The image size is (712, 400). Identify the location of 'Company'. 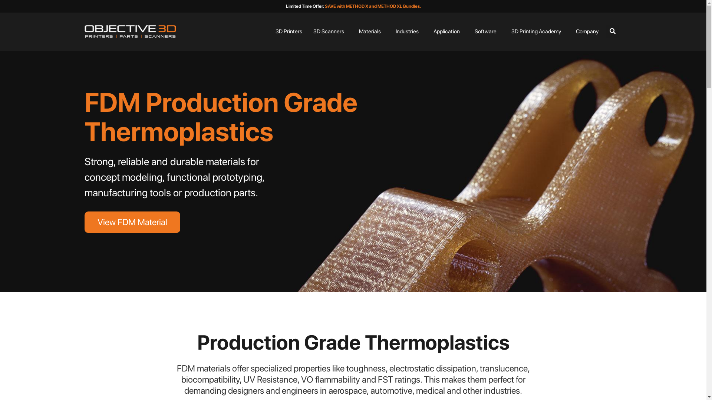
(587, 31).